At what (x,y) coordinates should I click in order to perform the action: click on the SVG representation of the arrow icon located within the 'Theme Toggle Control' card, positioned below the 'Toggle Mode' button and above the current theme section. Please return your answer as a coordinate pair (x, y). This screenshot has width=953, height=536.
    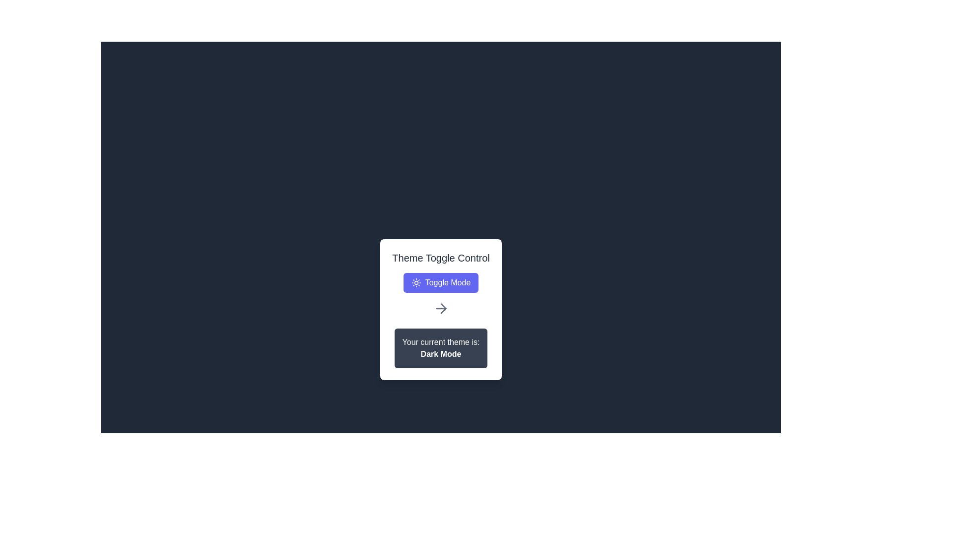
    Looking at the image, I should click on (440, 308).